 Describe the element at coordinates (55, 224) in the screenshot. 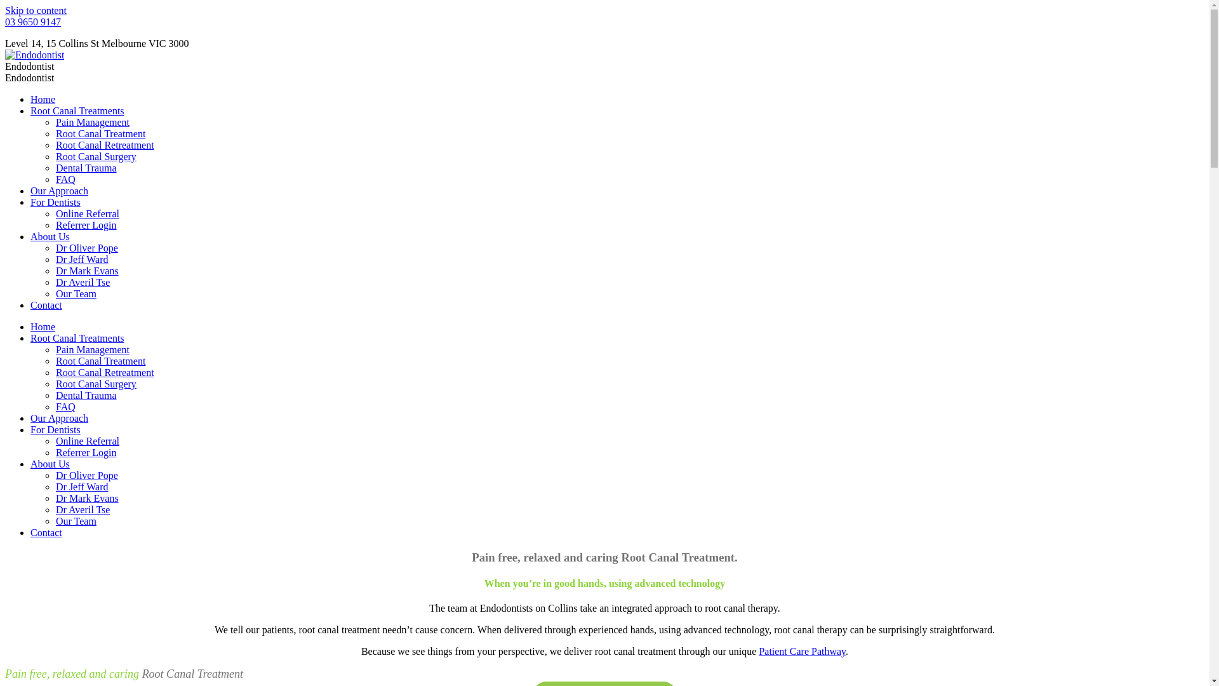

I see `'Referrer Login'` at that location.